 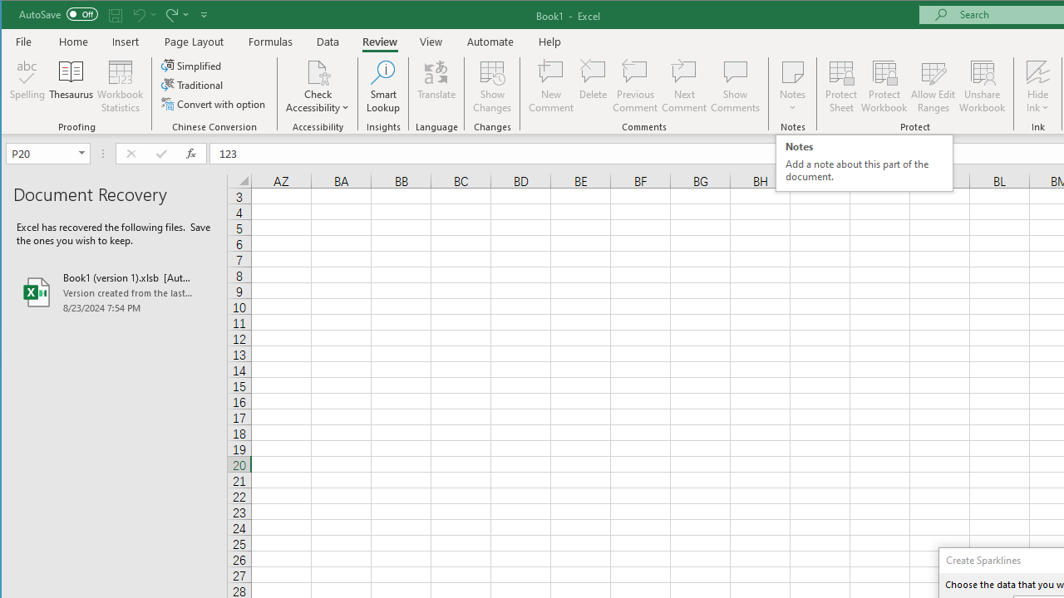 I want to click on 'Spelling...', so click(x=27, y=86).